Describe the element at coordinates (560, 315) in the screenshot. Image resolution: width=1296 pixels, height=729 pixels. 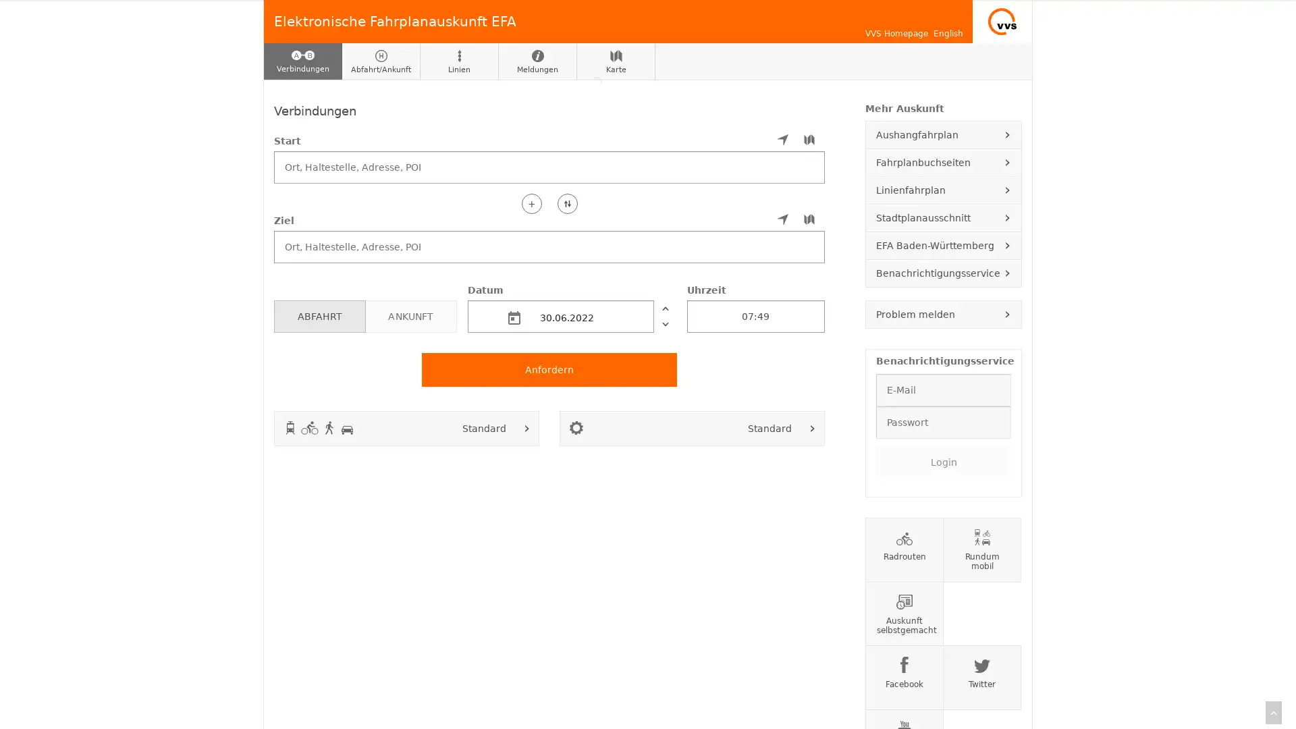
I see `30.06.2022` at that location.